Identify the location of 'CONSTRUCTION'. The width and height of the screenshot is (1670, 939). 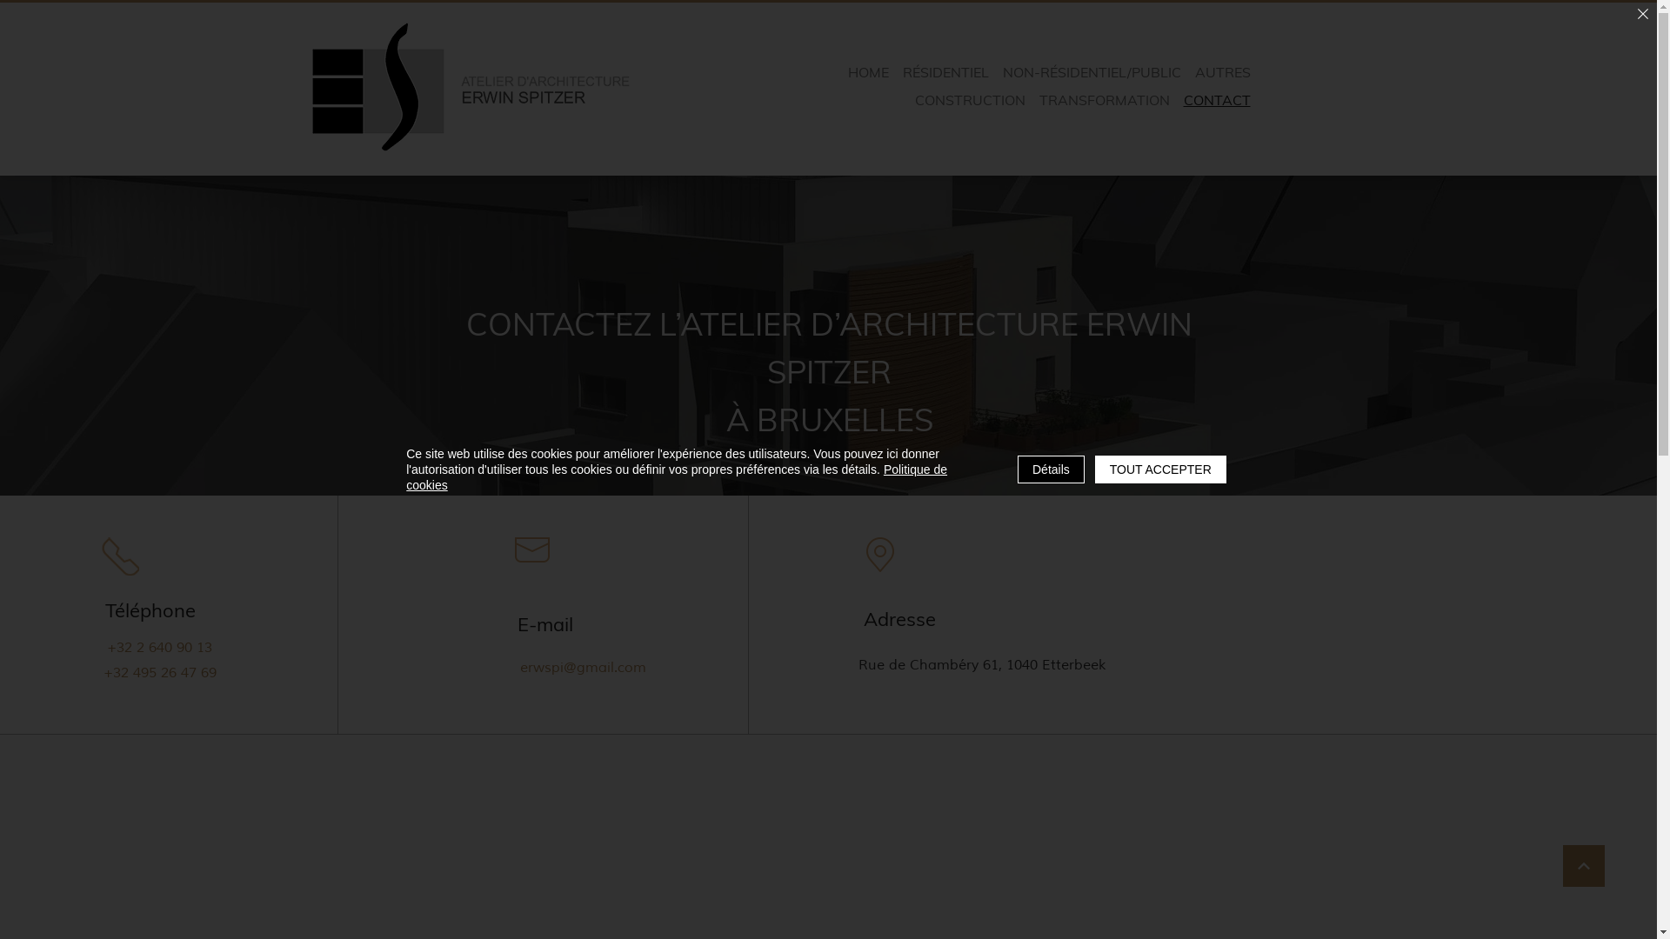
(968, 100).